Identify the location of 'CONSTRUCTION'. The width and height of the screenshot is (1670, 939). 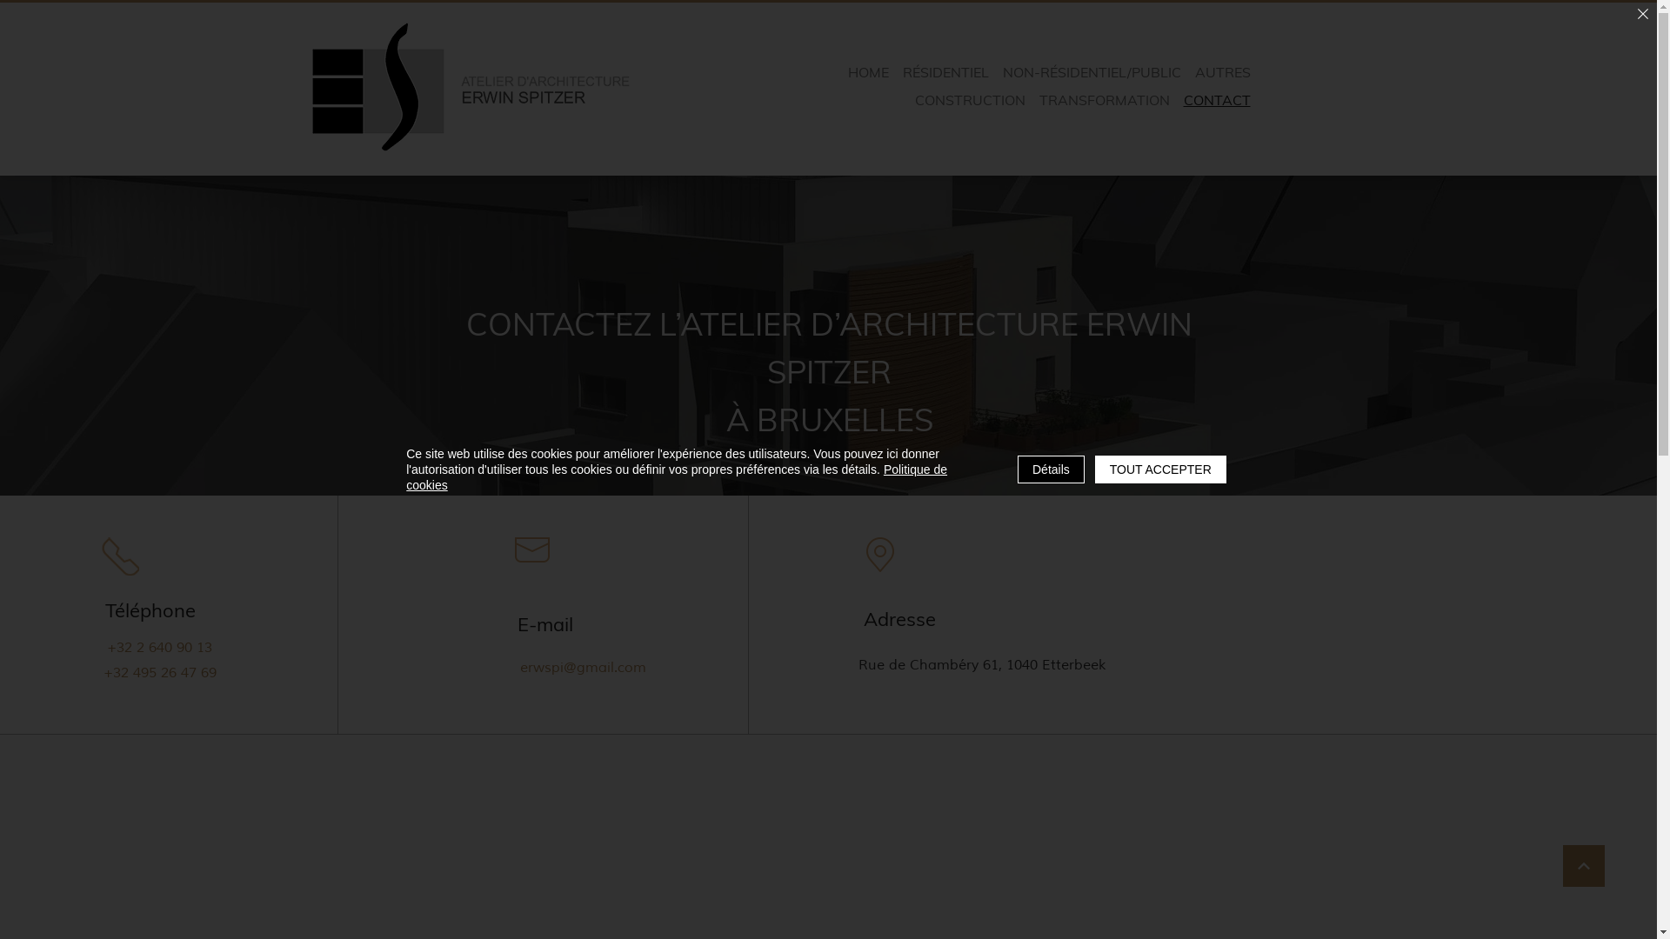
(968, 100).